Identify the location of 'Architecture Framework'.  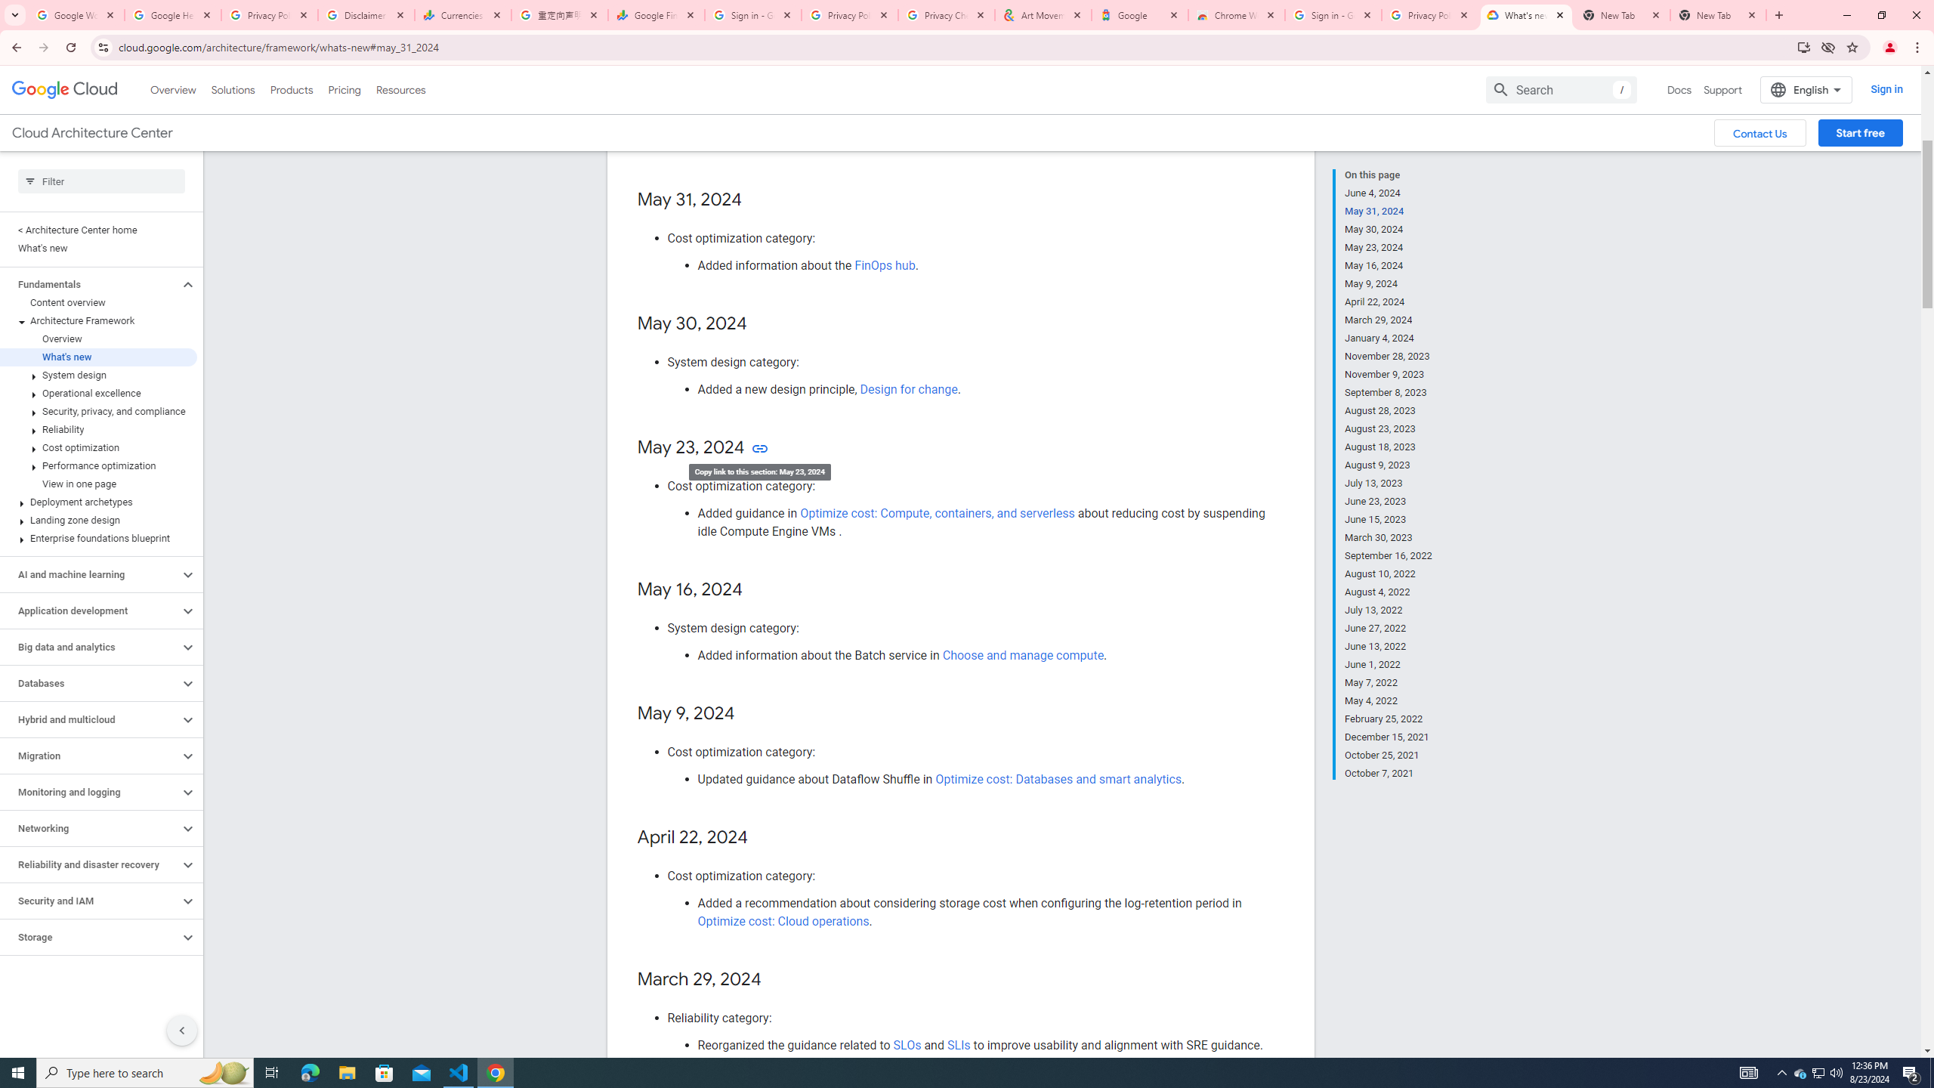
(98, 320).